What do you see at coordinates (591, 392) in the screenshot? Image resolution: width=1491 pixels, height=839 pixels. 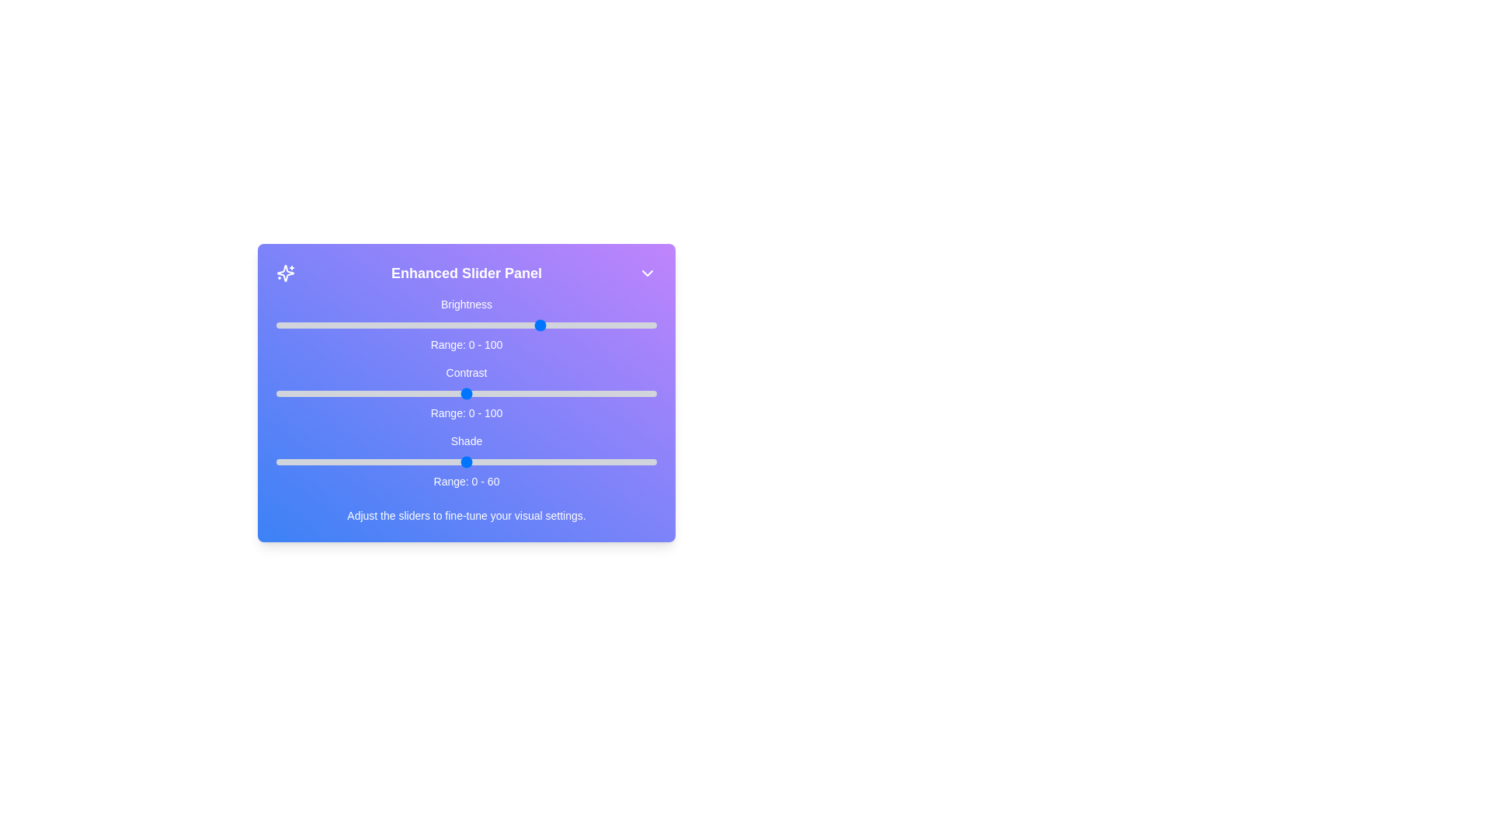 I see `the 1 slider to 83` at bounding box center [591, 392].